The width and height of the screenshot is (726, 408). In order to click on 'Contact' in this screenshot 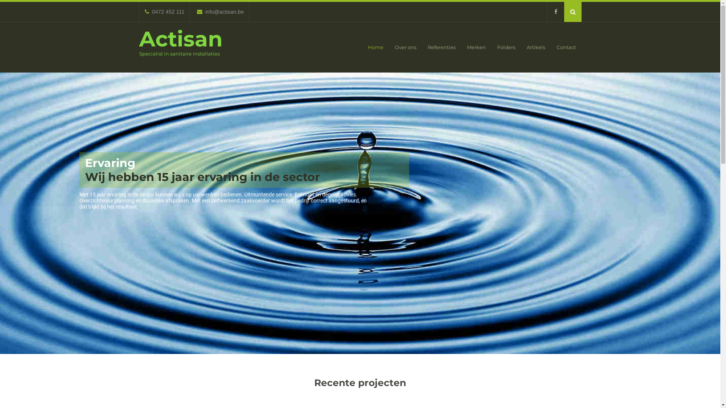, I will do `click(566, 47)`.